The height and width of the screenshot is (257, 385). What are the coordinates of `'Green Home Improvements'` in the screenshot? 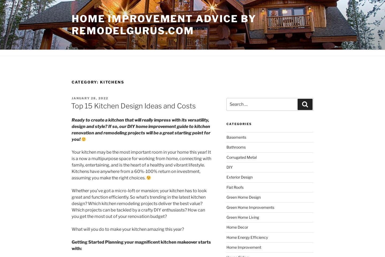 It's located at (250, 207).